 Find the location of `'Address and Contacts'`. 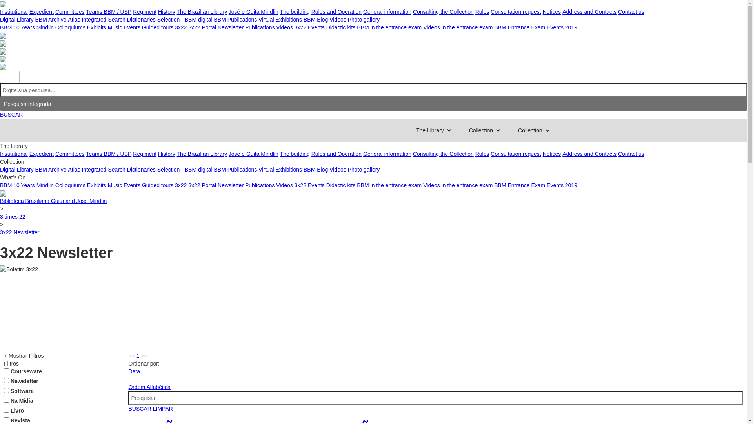

'Address and Contacts' is located at coordinates (562, 12).